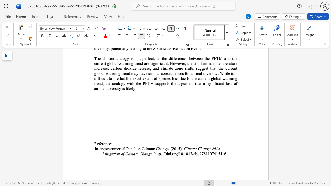  Describe the element at coordinates (168, 149) in the screenshot. I see `the space between the continuous character "e" and "." in the text` at that location.